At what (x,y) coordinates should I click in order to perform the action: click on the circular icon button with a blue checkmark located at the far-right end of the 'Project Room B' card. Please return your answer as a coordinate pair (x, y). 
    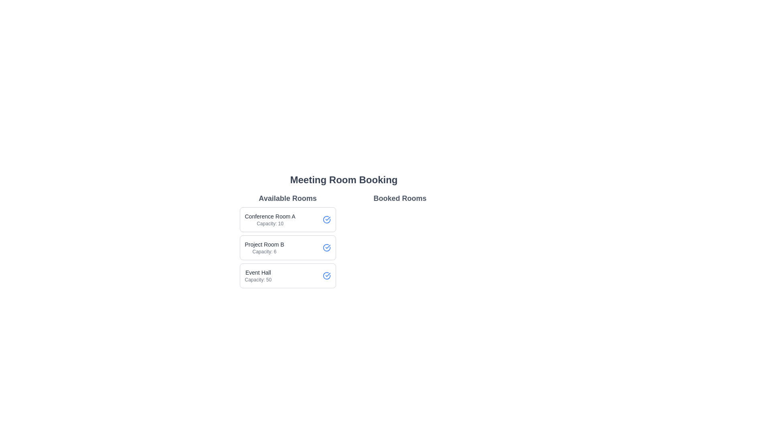
    Looking at the image, I should click on (326, 247).